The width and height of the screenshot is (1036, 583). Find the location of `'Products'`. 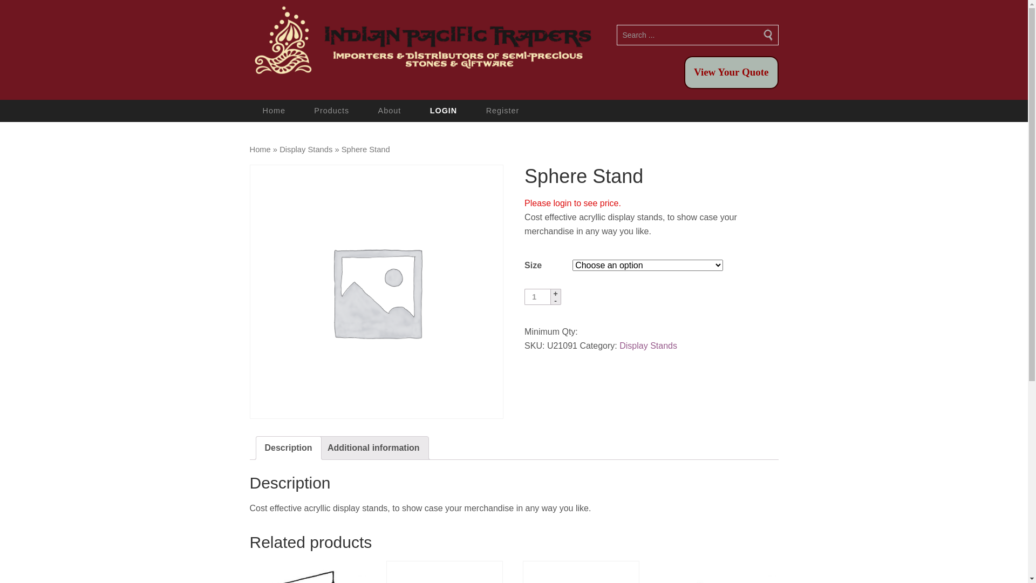

'Products' is located at coordinates (331, 111).